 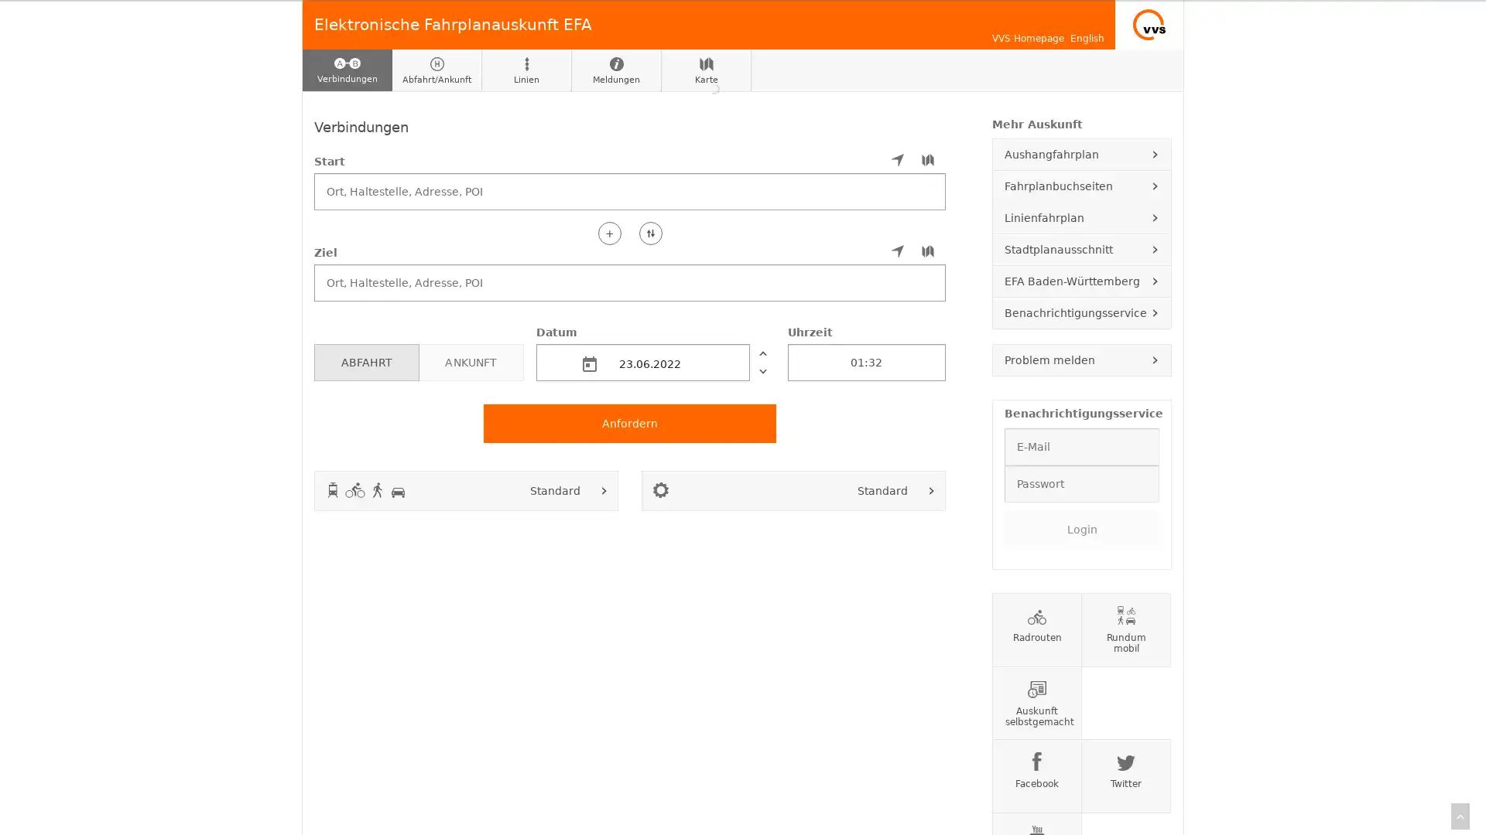 What do you see at coordinates (762, 370) in the screenshot?
I see `nachher` at bounding box center [762, 370].